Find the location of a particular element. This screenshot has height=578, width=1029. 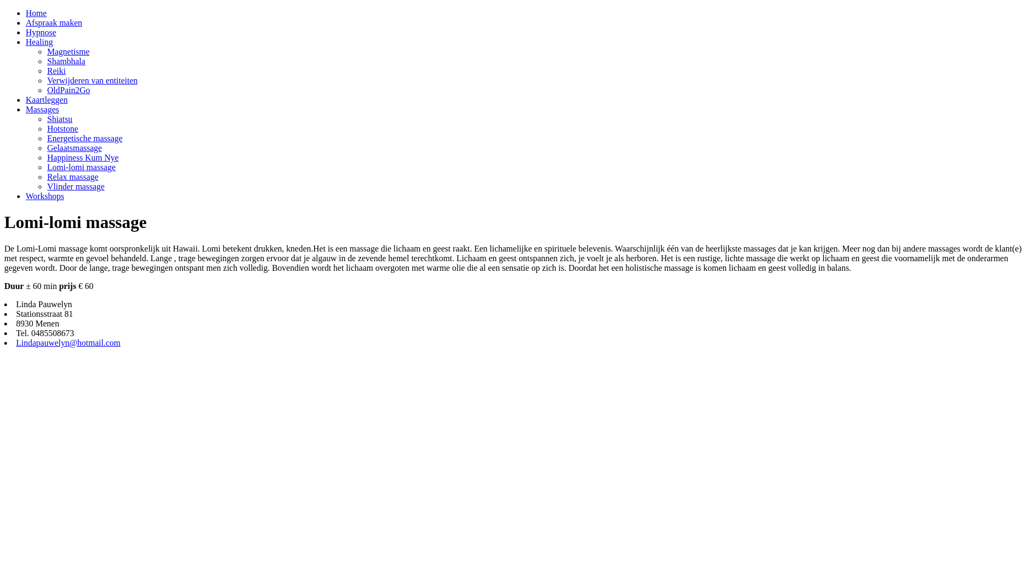

'Massages' is located at coordinates (26, 109).